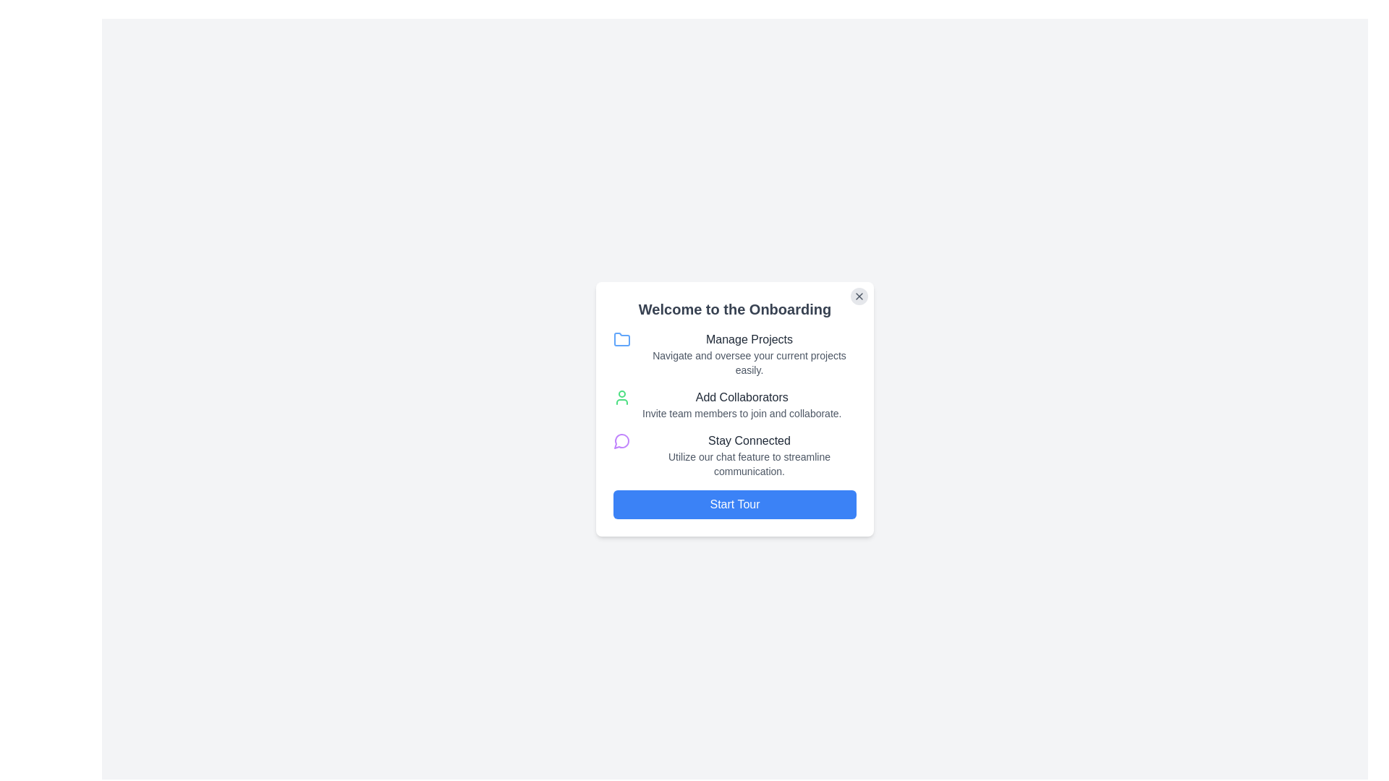  Describe the element at coordinates (735, 454) in the screenshot. I see `the informational text block element titled 'Stay Connected', which includes a speech bubble icon and descriptive text about utilizing the chat feature` at that location.